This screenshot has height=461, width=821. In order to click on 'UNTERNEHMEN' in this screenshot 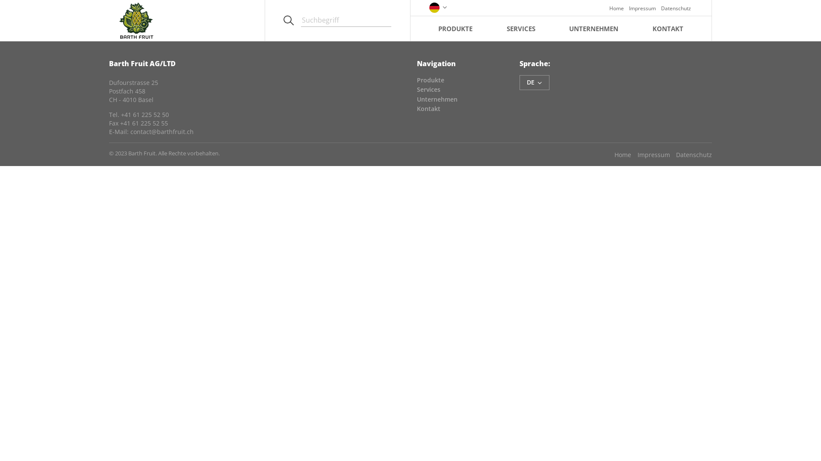, I will do `click(593, 28)`.